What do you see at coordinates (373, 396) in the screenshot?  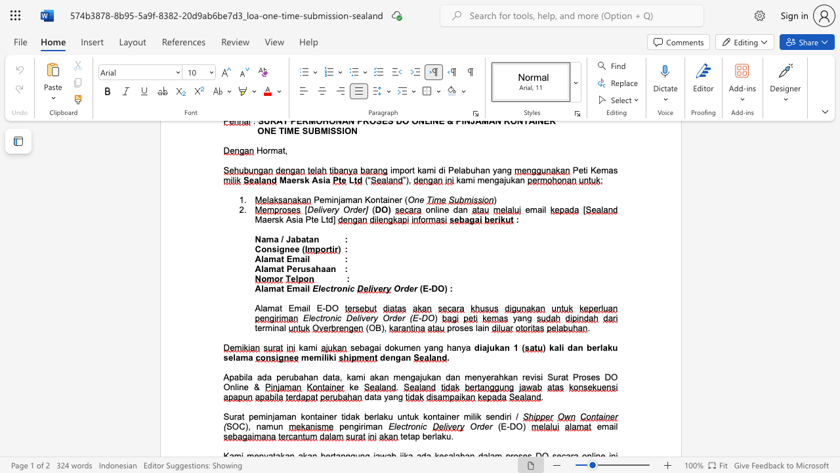 I see `the space between the continuous character "a" and "t" in the text` at bounding box center [373, 396].